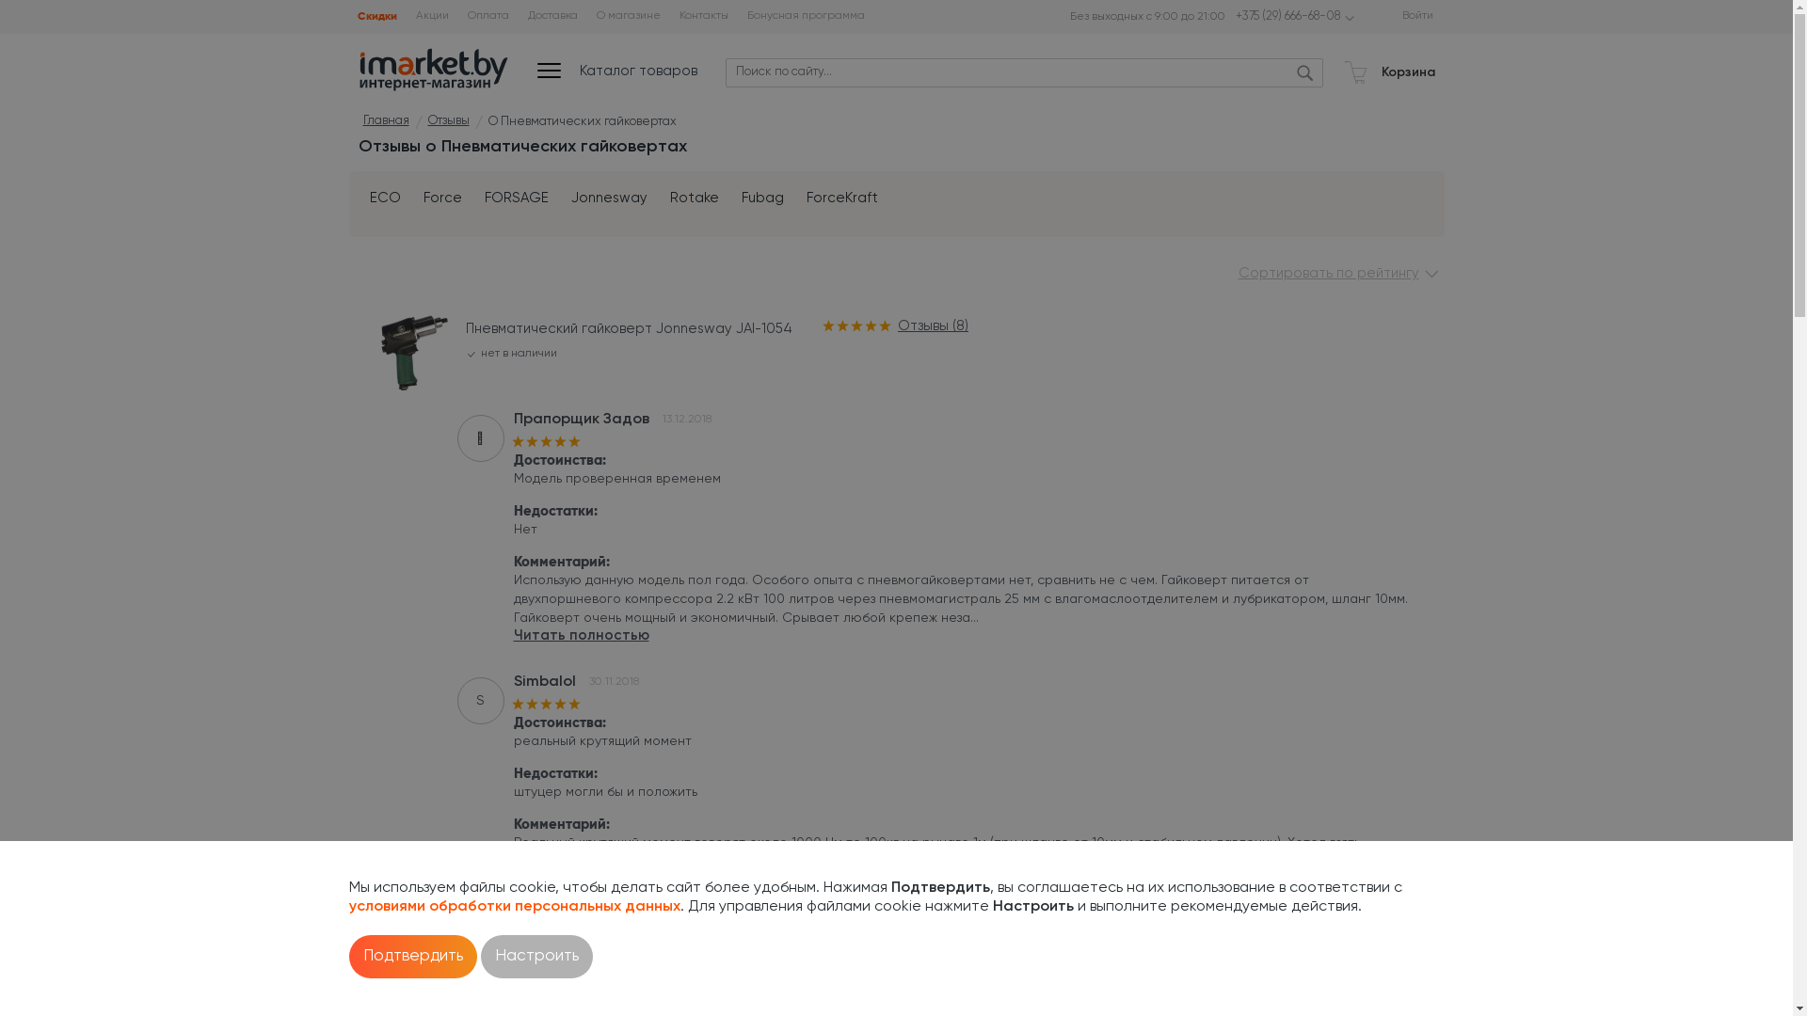 The image size is (1807, 1016). Describe the element at coordinates (515, 198) in the screenshot. I see `'FORSAGE'` at that location.